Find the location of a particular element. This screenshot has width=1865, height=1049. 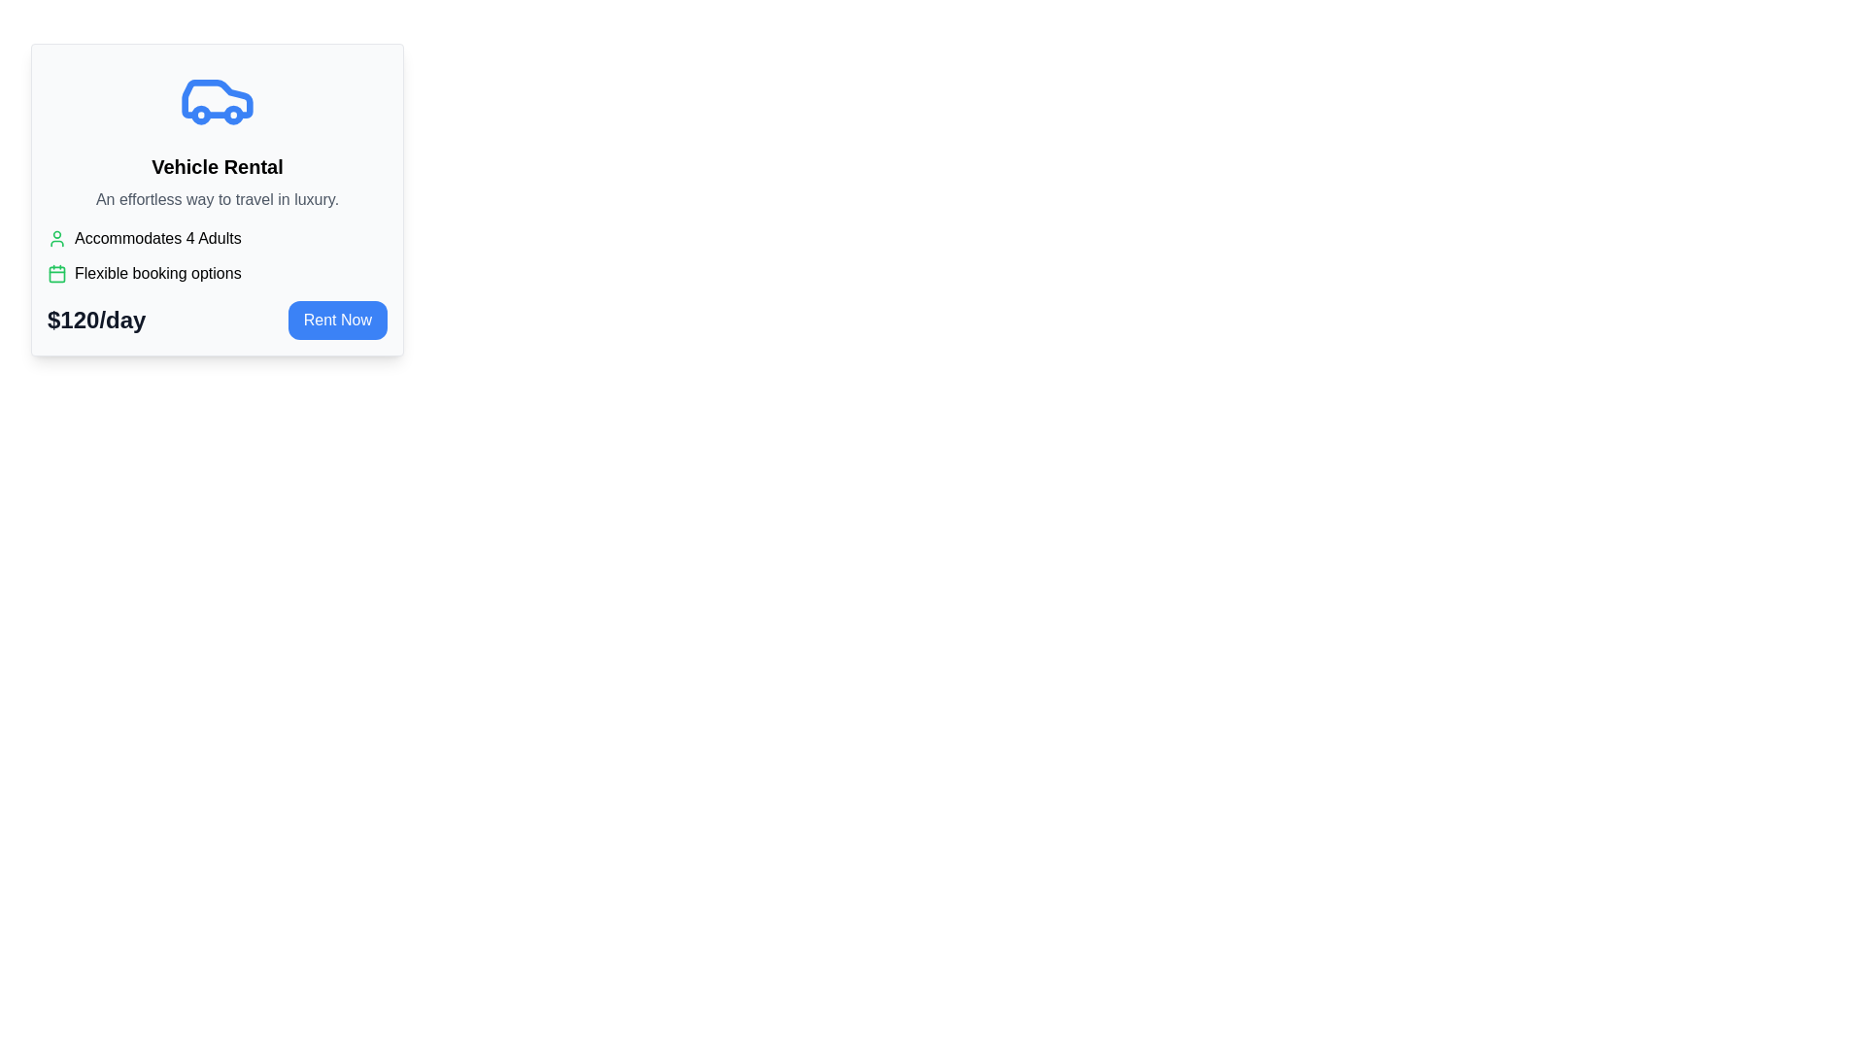

the static text label displaying the rental rate of '$120/day' located in the lower-left corner of the vehicle rental card layout is located at coordinates (95, 320).